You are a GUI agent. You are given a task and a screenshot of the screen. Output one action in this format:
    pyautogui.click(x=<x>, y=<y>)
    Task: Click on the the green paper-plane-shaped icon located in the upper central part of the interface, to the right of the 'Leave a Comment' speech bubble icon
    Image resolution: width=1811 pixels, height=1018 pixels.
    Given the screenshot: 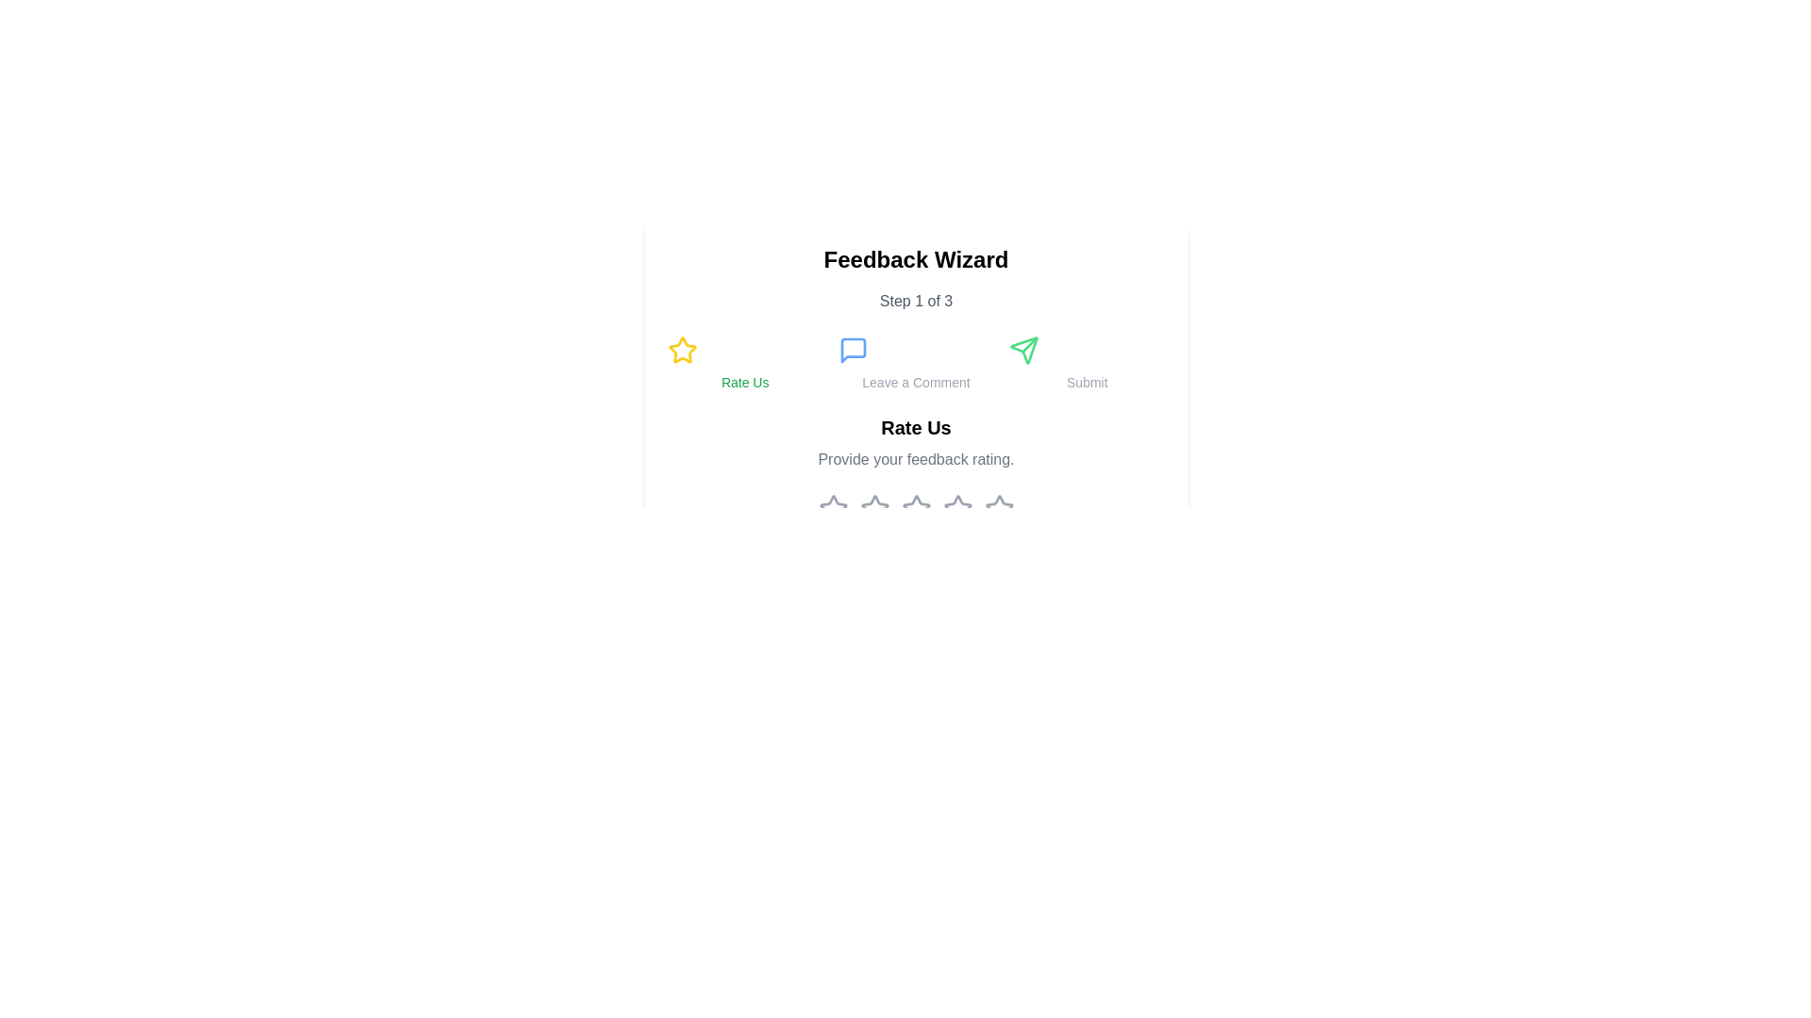 What is the action you would take?
    pyautogui.click(x=1023, y=350)
    